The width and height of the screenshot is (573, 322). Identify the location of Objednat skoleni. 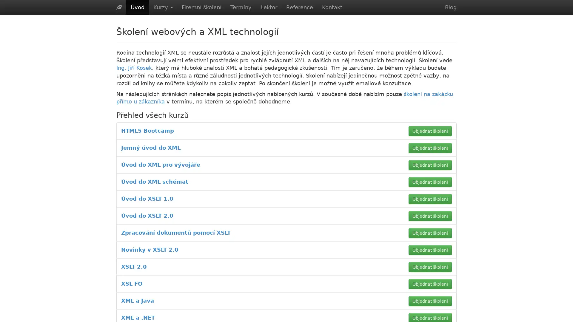
(430, 165).